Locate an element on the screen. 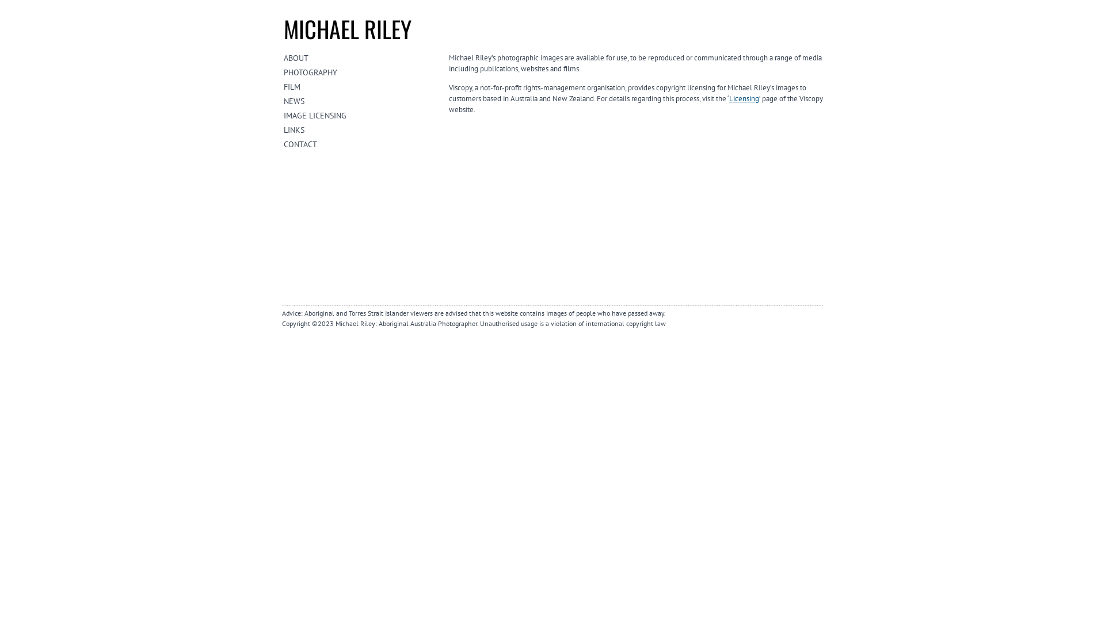 This screenshot has width=1105, height=621. 'CONTACT' is located at coordinates (361, 143).